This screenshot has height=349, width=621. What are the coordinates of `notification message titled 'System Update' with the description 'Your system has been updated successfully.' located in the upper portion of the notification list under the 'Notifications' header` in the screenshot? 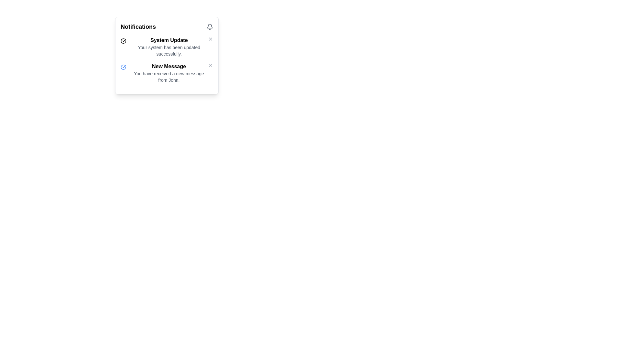 It's located at (169, 47).